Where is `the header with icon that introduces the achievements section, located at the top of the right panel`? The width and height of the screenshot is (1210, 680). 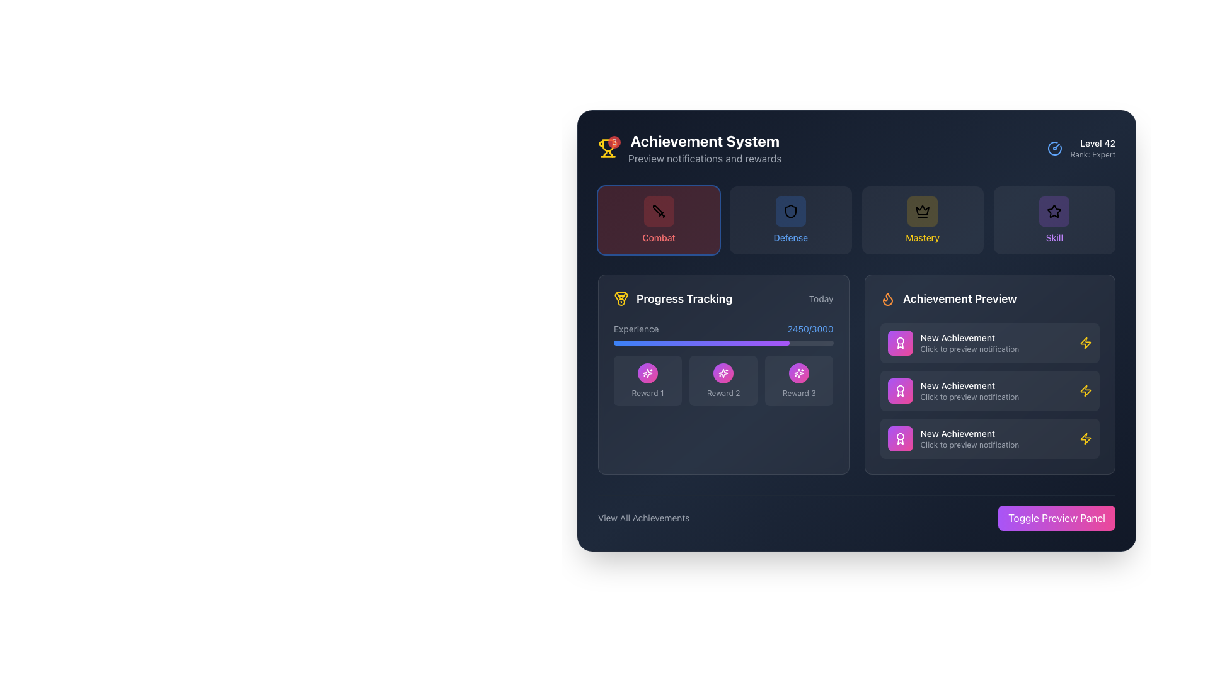 the header with icon that introduces the achievements section, located at the top of the right panel is located at coordinates (989, 298).